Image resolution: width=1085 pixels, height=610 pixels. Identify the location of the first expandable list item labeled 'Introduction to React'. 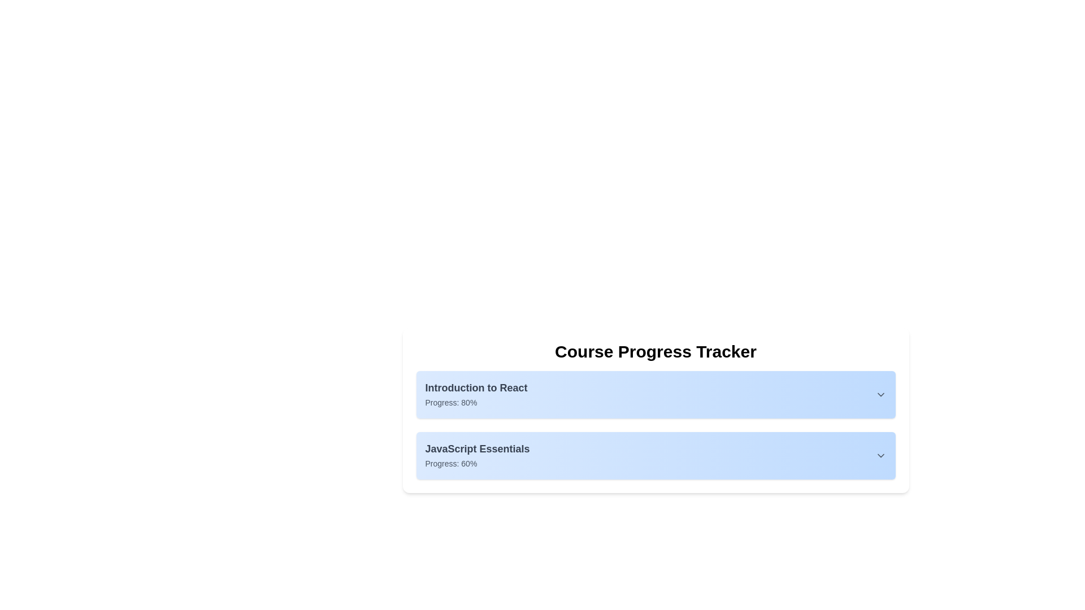
(656, 394).